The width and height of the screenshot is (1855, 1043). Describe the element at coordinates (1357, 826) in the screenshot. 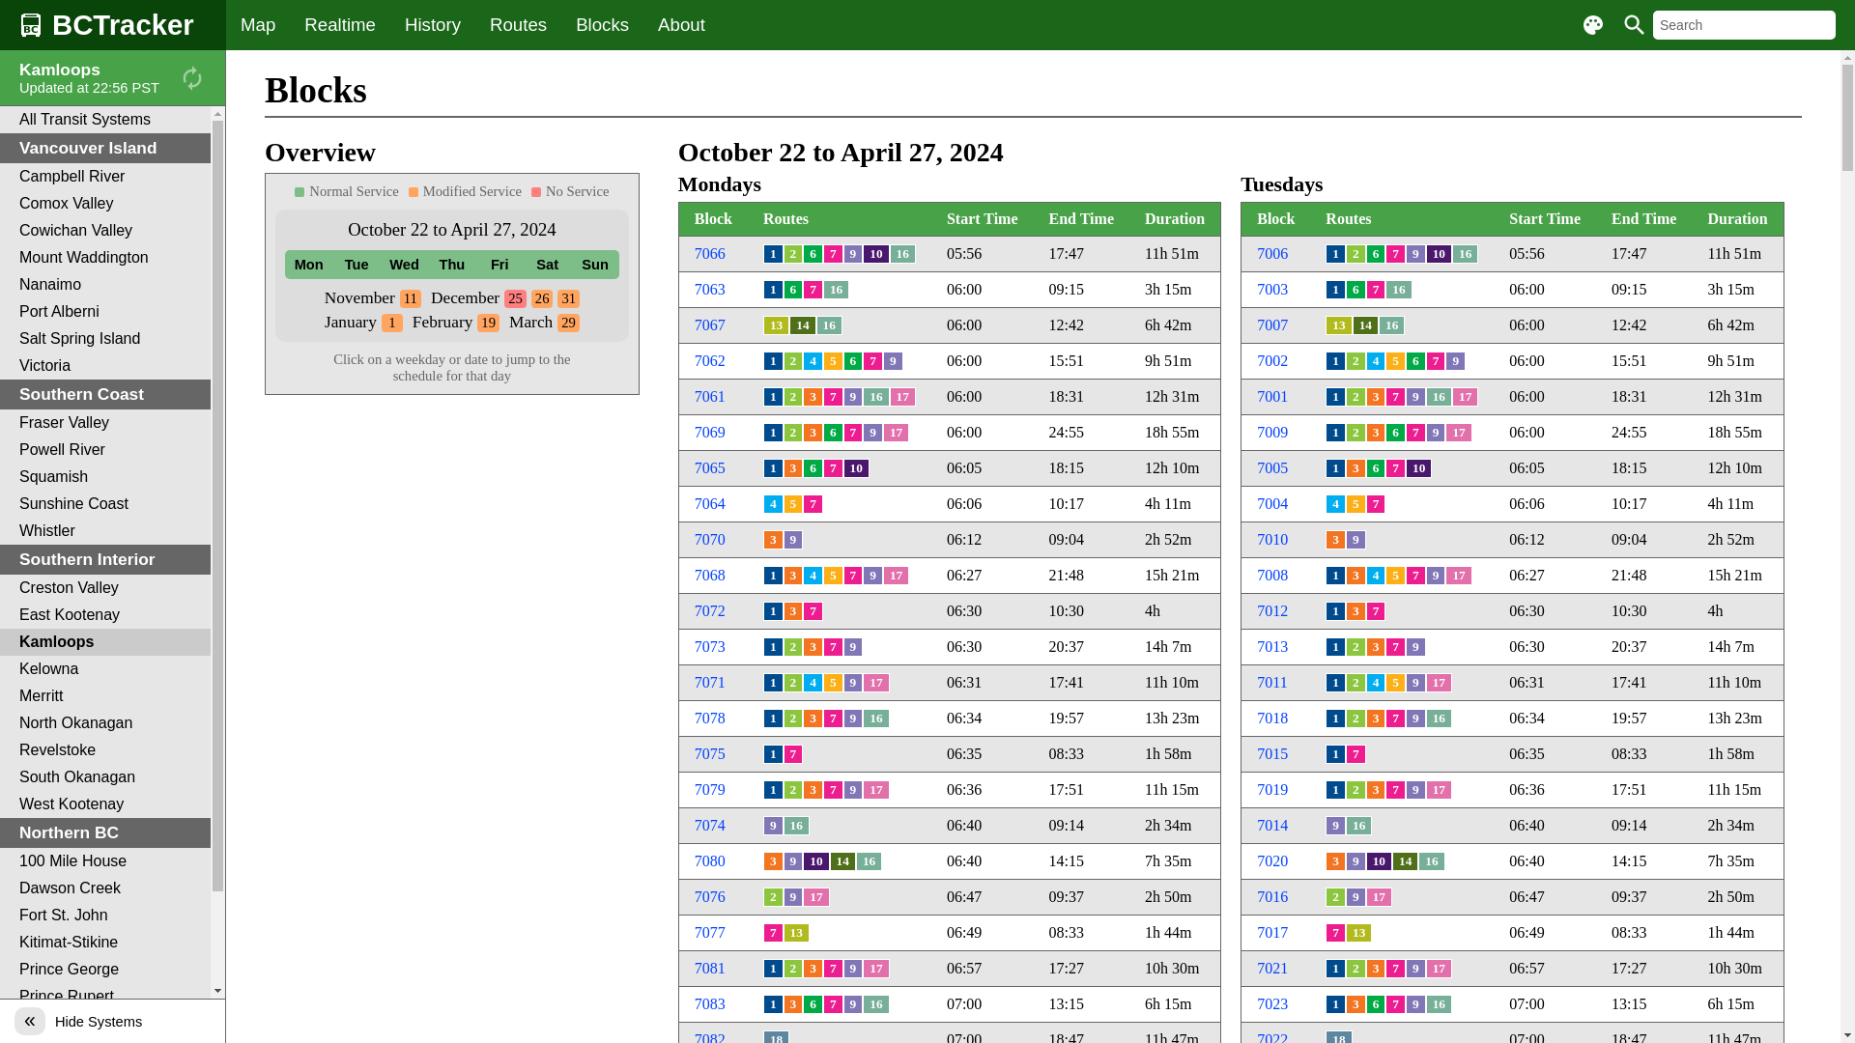

I see `'16'` at that location.